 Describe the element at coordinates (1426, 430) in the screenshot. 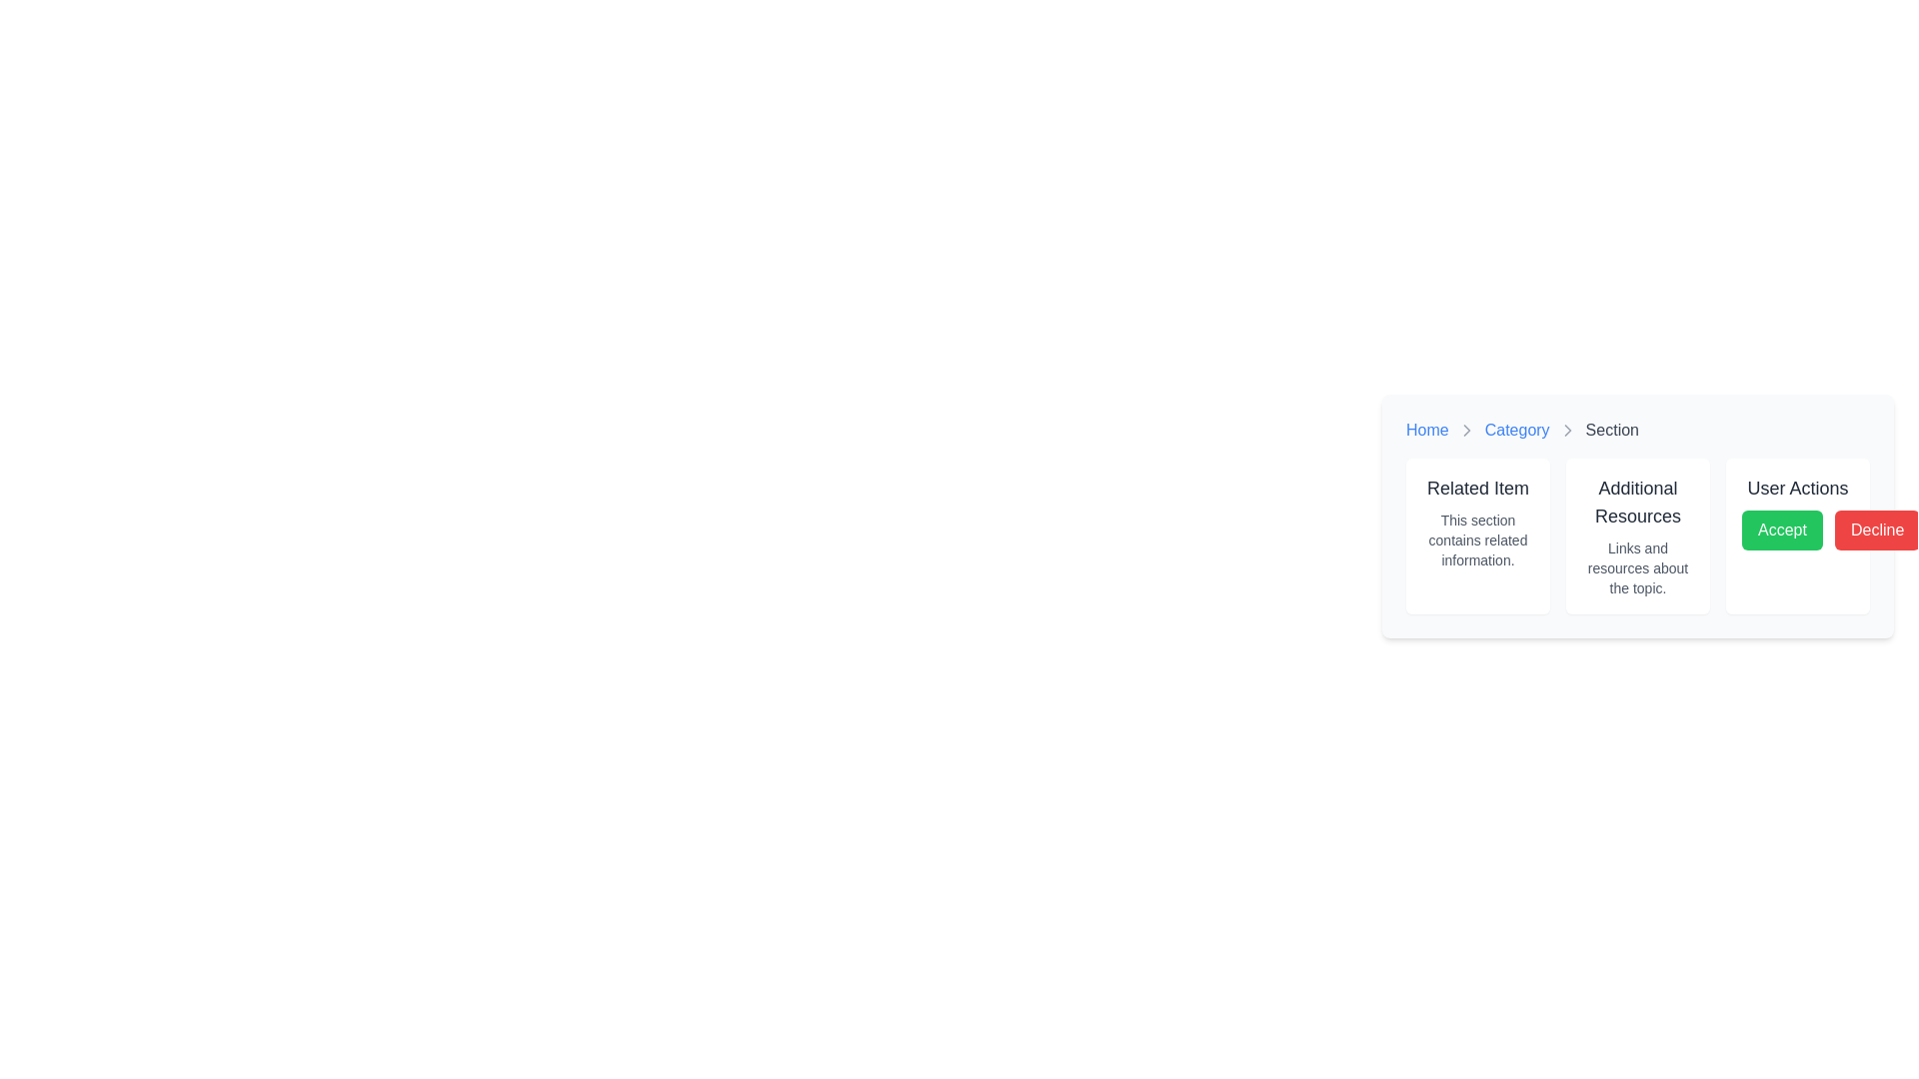

I see `the breadcrumb link at the top-left of the user interface` at that location.